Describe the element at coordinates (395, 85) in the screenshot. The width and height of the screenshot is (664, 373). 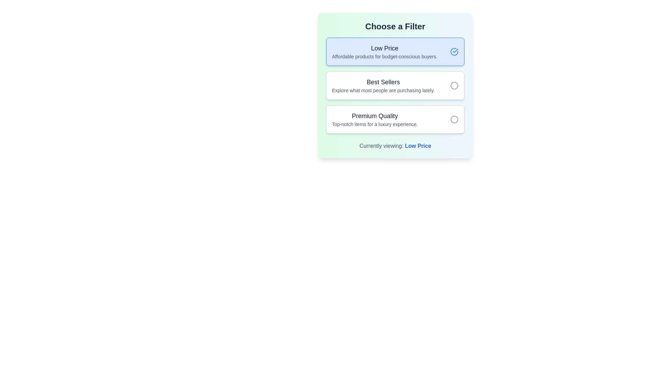
I see `the 'Best Sellers' selectable list item located between 'Low Price' and 'Premium Quality' in the 'Choose a Filter' panel` at that location.